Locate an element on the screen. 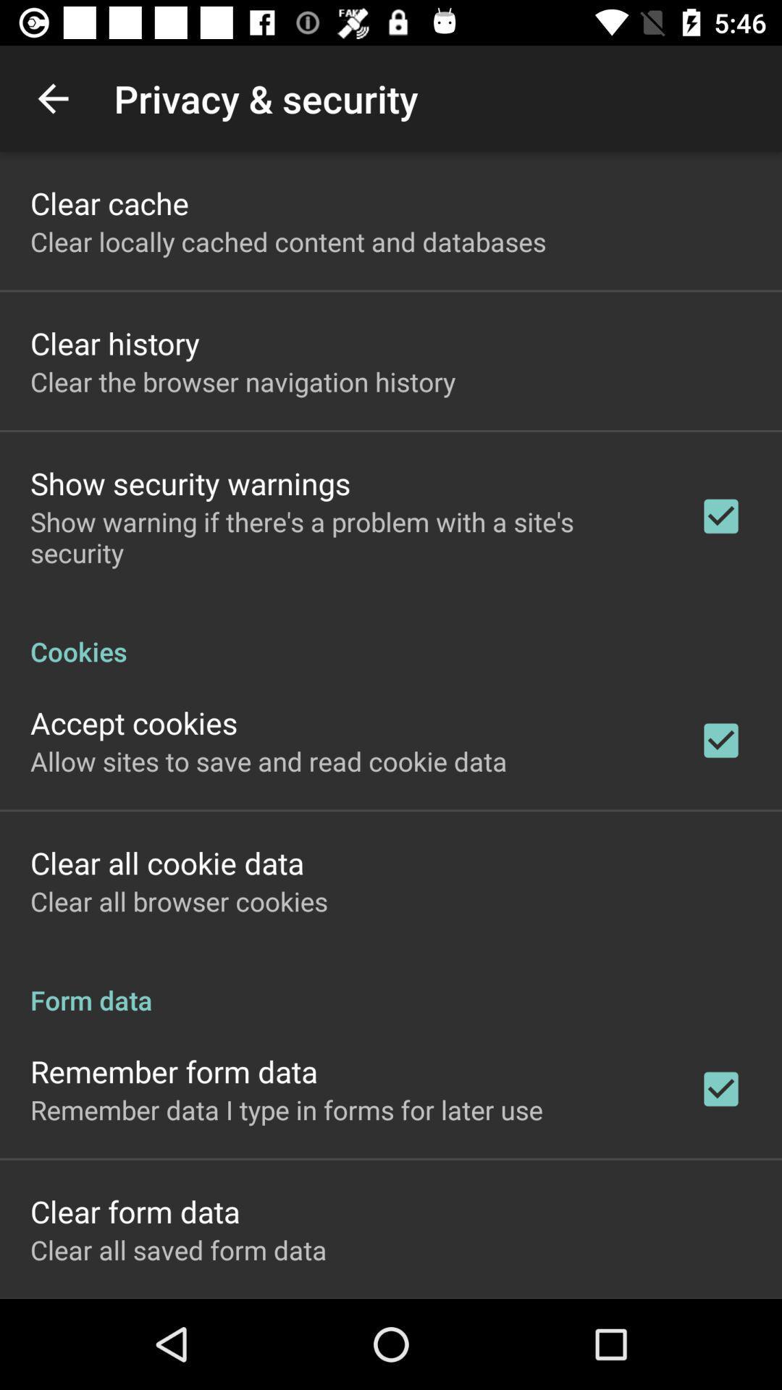 The image size is (782, 1390). the accept cookies is located at coordinates (134, 723).